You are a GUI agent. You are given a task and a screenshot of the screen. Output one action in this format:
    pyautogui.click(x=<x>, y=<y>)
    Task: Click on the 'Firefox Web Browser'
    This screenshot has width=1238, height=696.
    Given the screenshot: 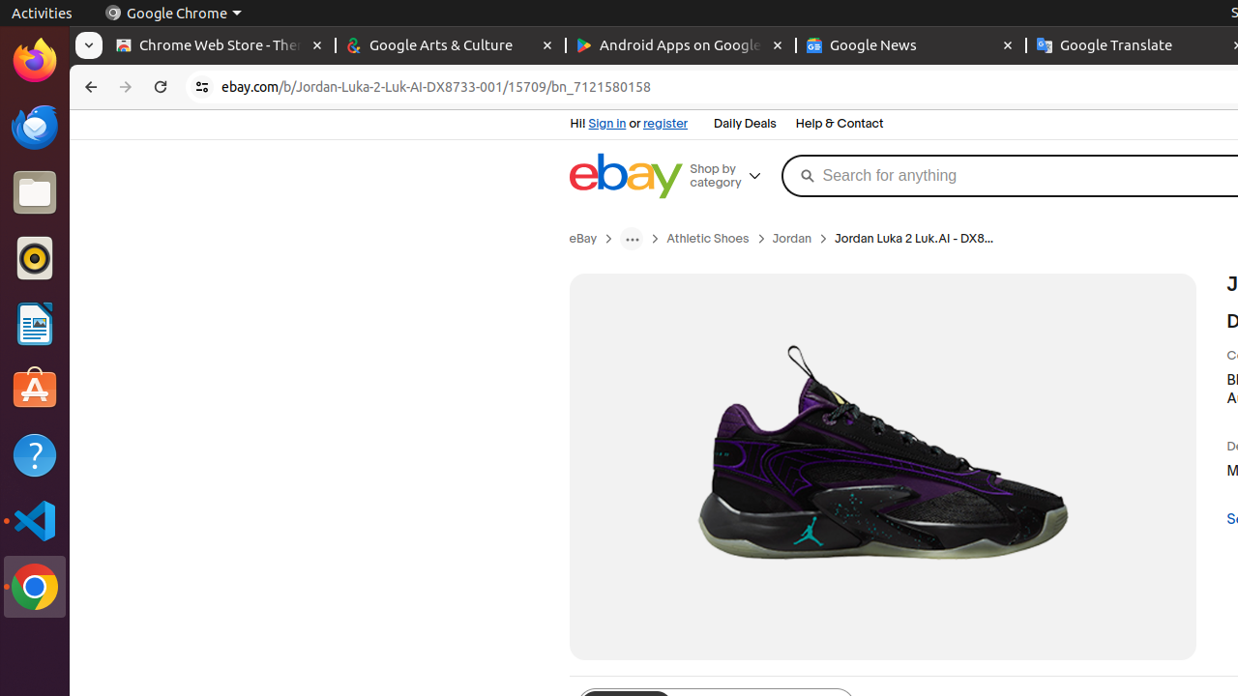 What is the action you would take?
    pyautogui.click(x=34, y=59)
    